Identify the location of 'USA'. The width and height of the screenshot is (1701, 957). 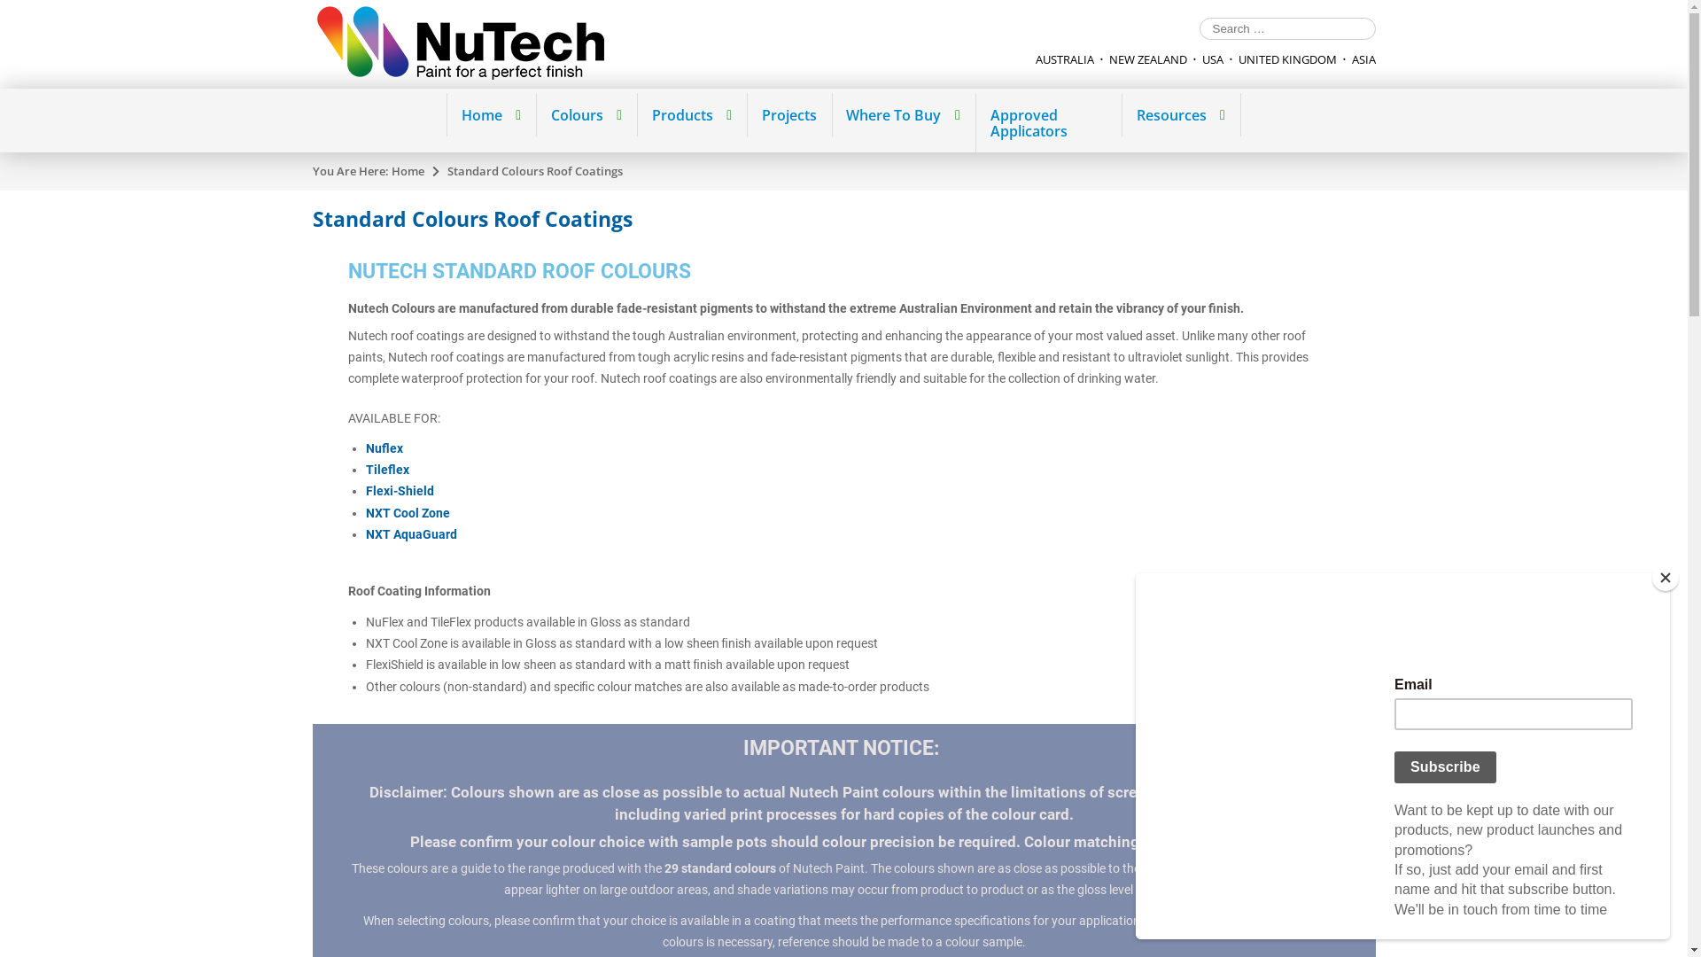
(1211, 58).